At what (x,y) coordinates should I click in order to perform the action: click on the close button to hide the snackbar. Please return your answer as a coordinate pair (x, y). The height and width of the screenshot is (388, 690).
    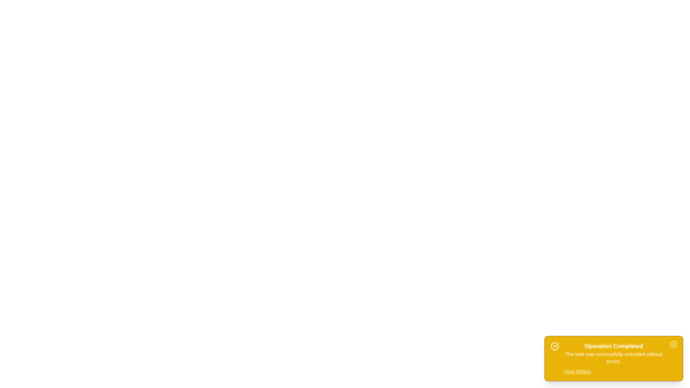
    Looking at the image, I should click on (673, 343).